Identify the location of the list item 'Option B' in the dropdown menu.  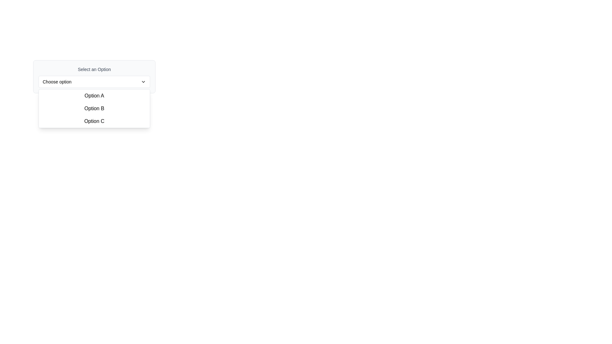
(94, 108).